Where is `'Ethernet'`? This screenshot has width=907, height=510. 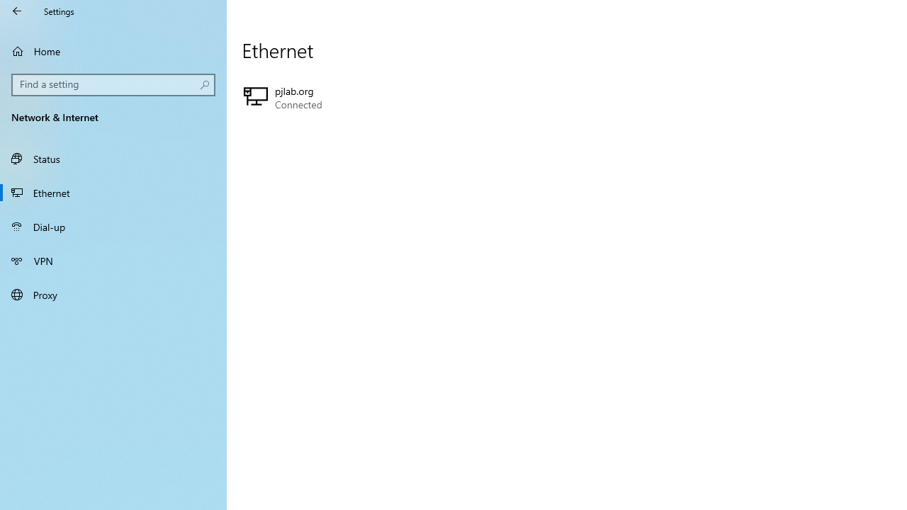 'Ethernet' is located at coordinates (113, 192).